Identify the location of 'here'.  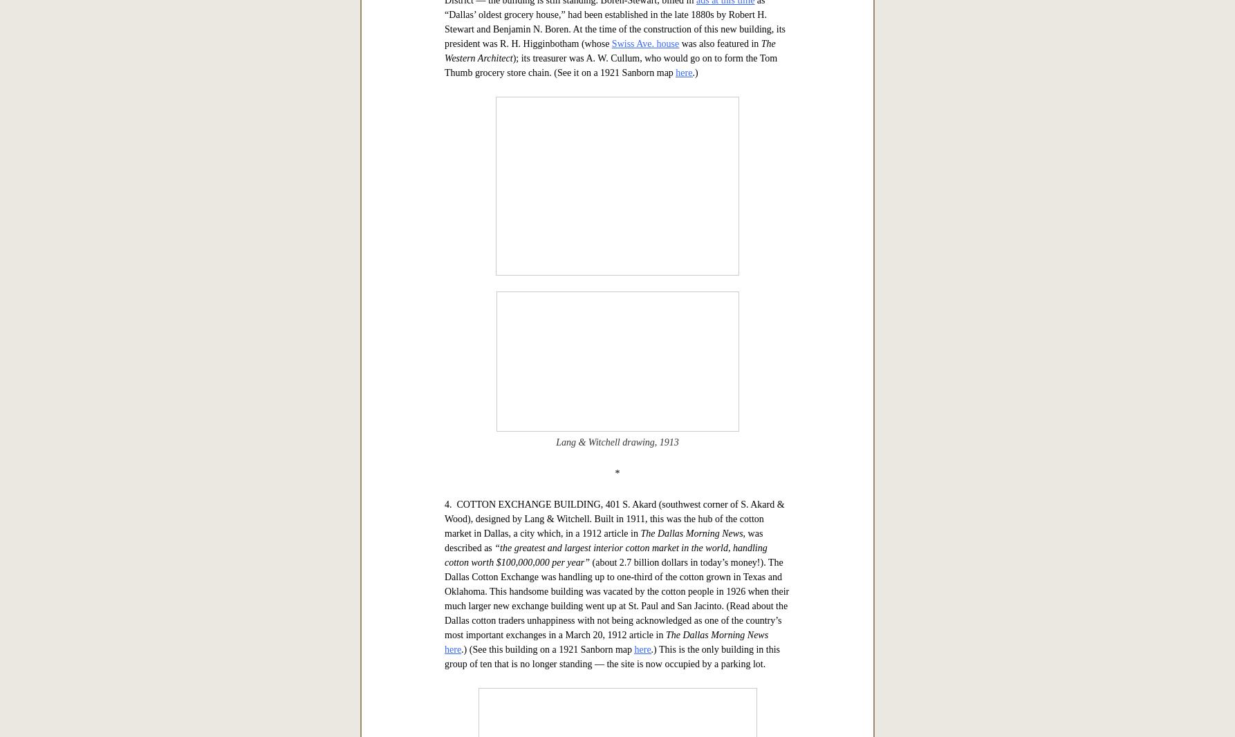
(675, 505).